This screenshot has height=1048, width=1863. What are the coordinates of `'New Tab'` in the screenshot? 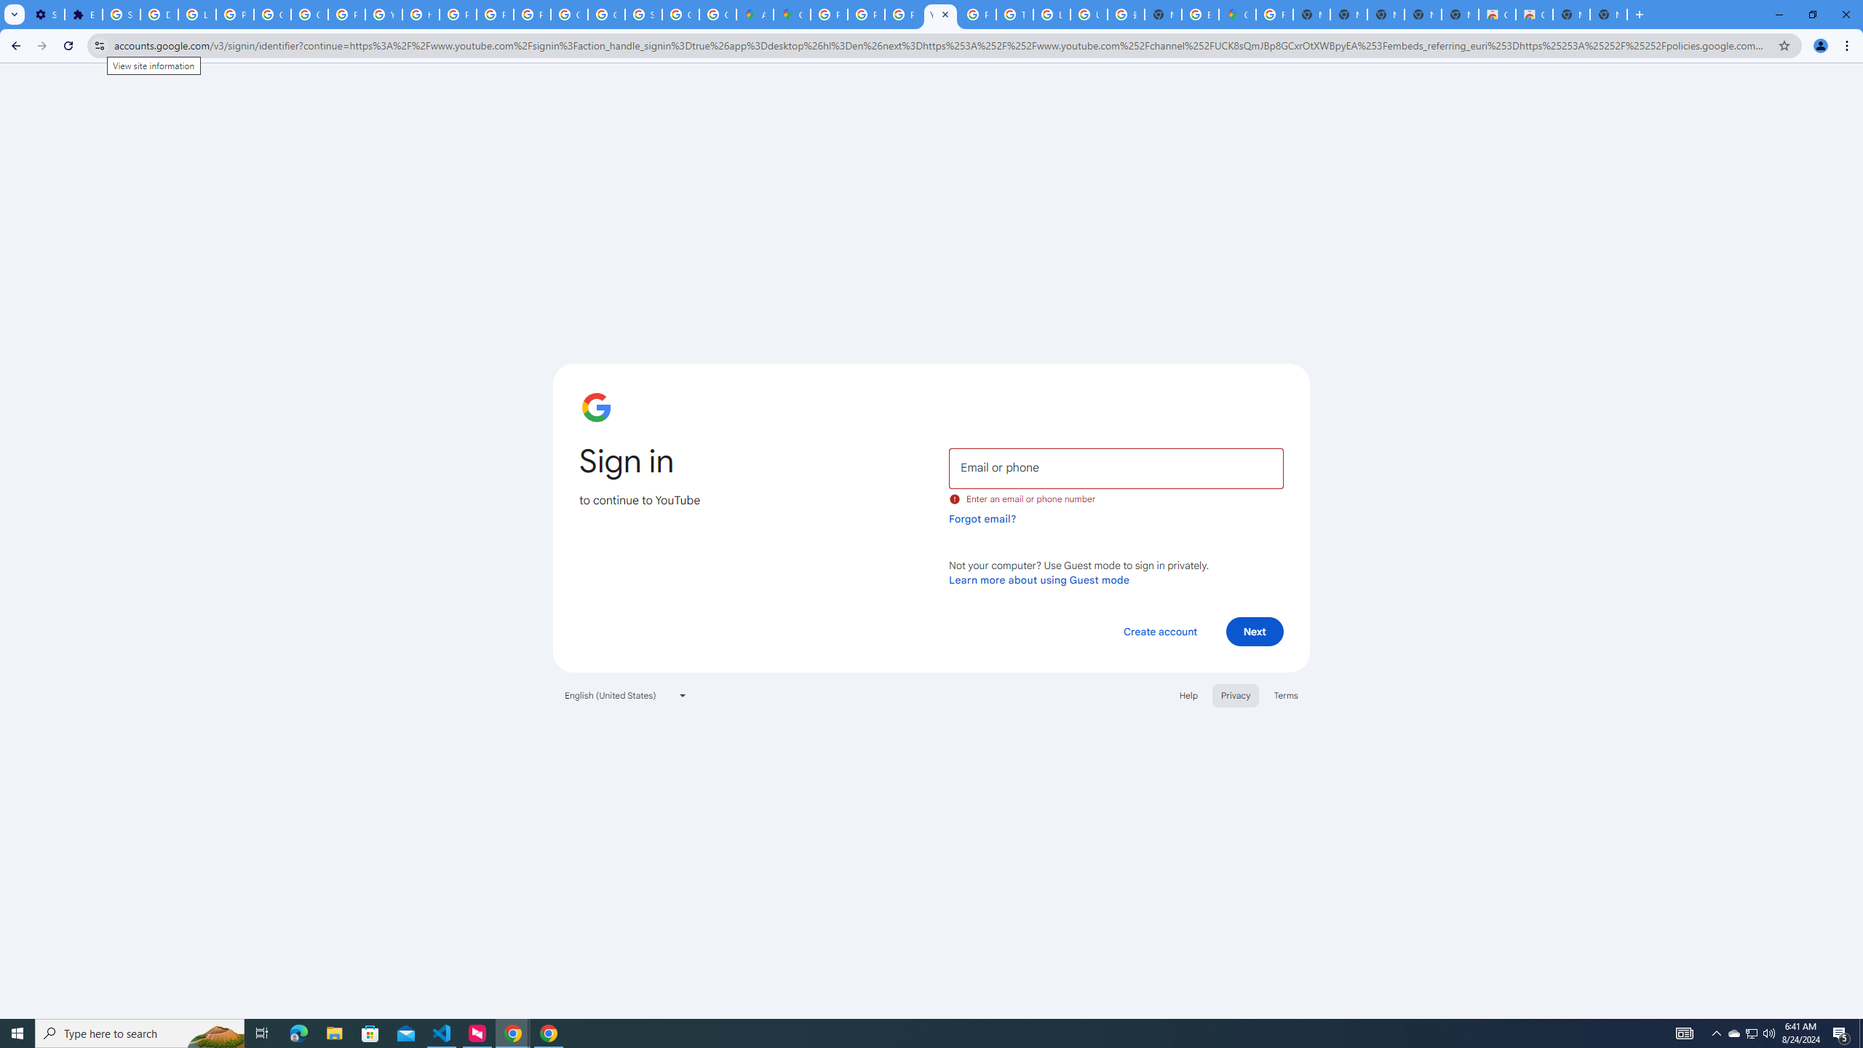 It's located at (1608, 14).